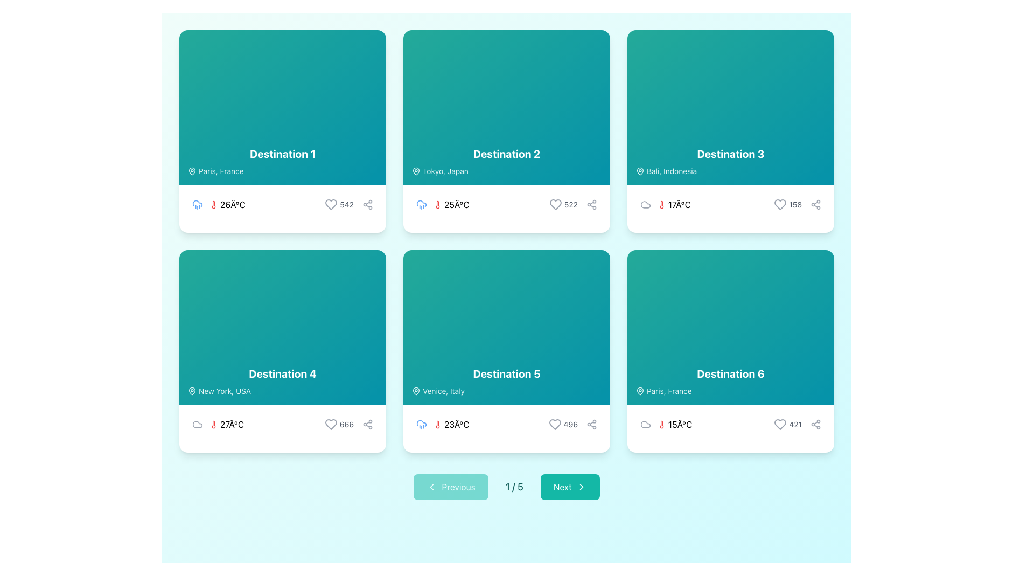 This screenshot has width=1034, height=582. What do you see at coordinates (506, 373) in the screenshot?
I see `the non-interactive Text Label displaying the title of the destination within the fifth card of the second row in a 3x2 grid layout` at bounding box center [506, 373].